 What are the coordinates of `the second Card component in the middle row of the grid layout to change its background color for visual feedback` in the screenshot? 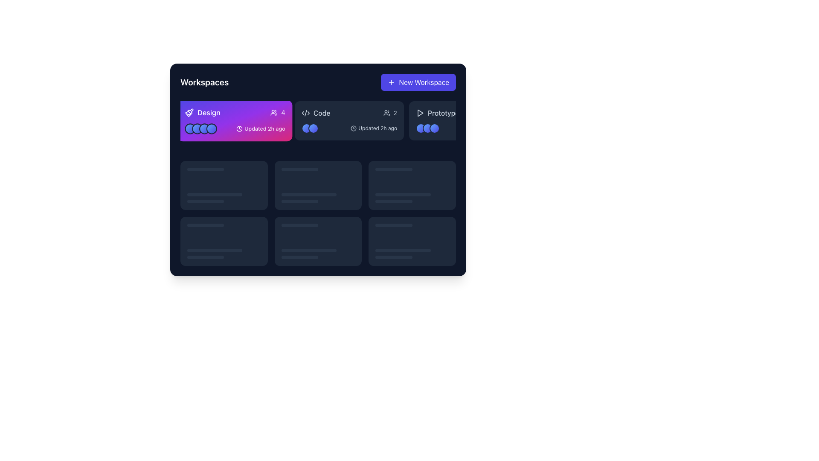 It's located at (317, 185).